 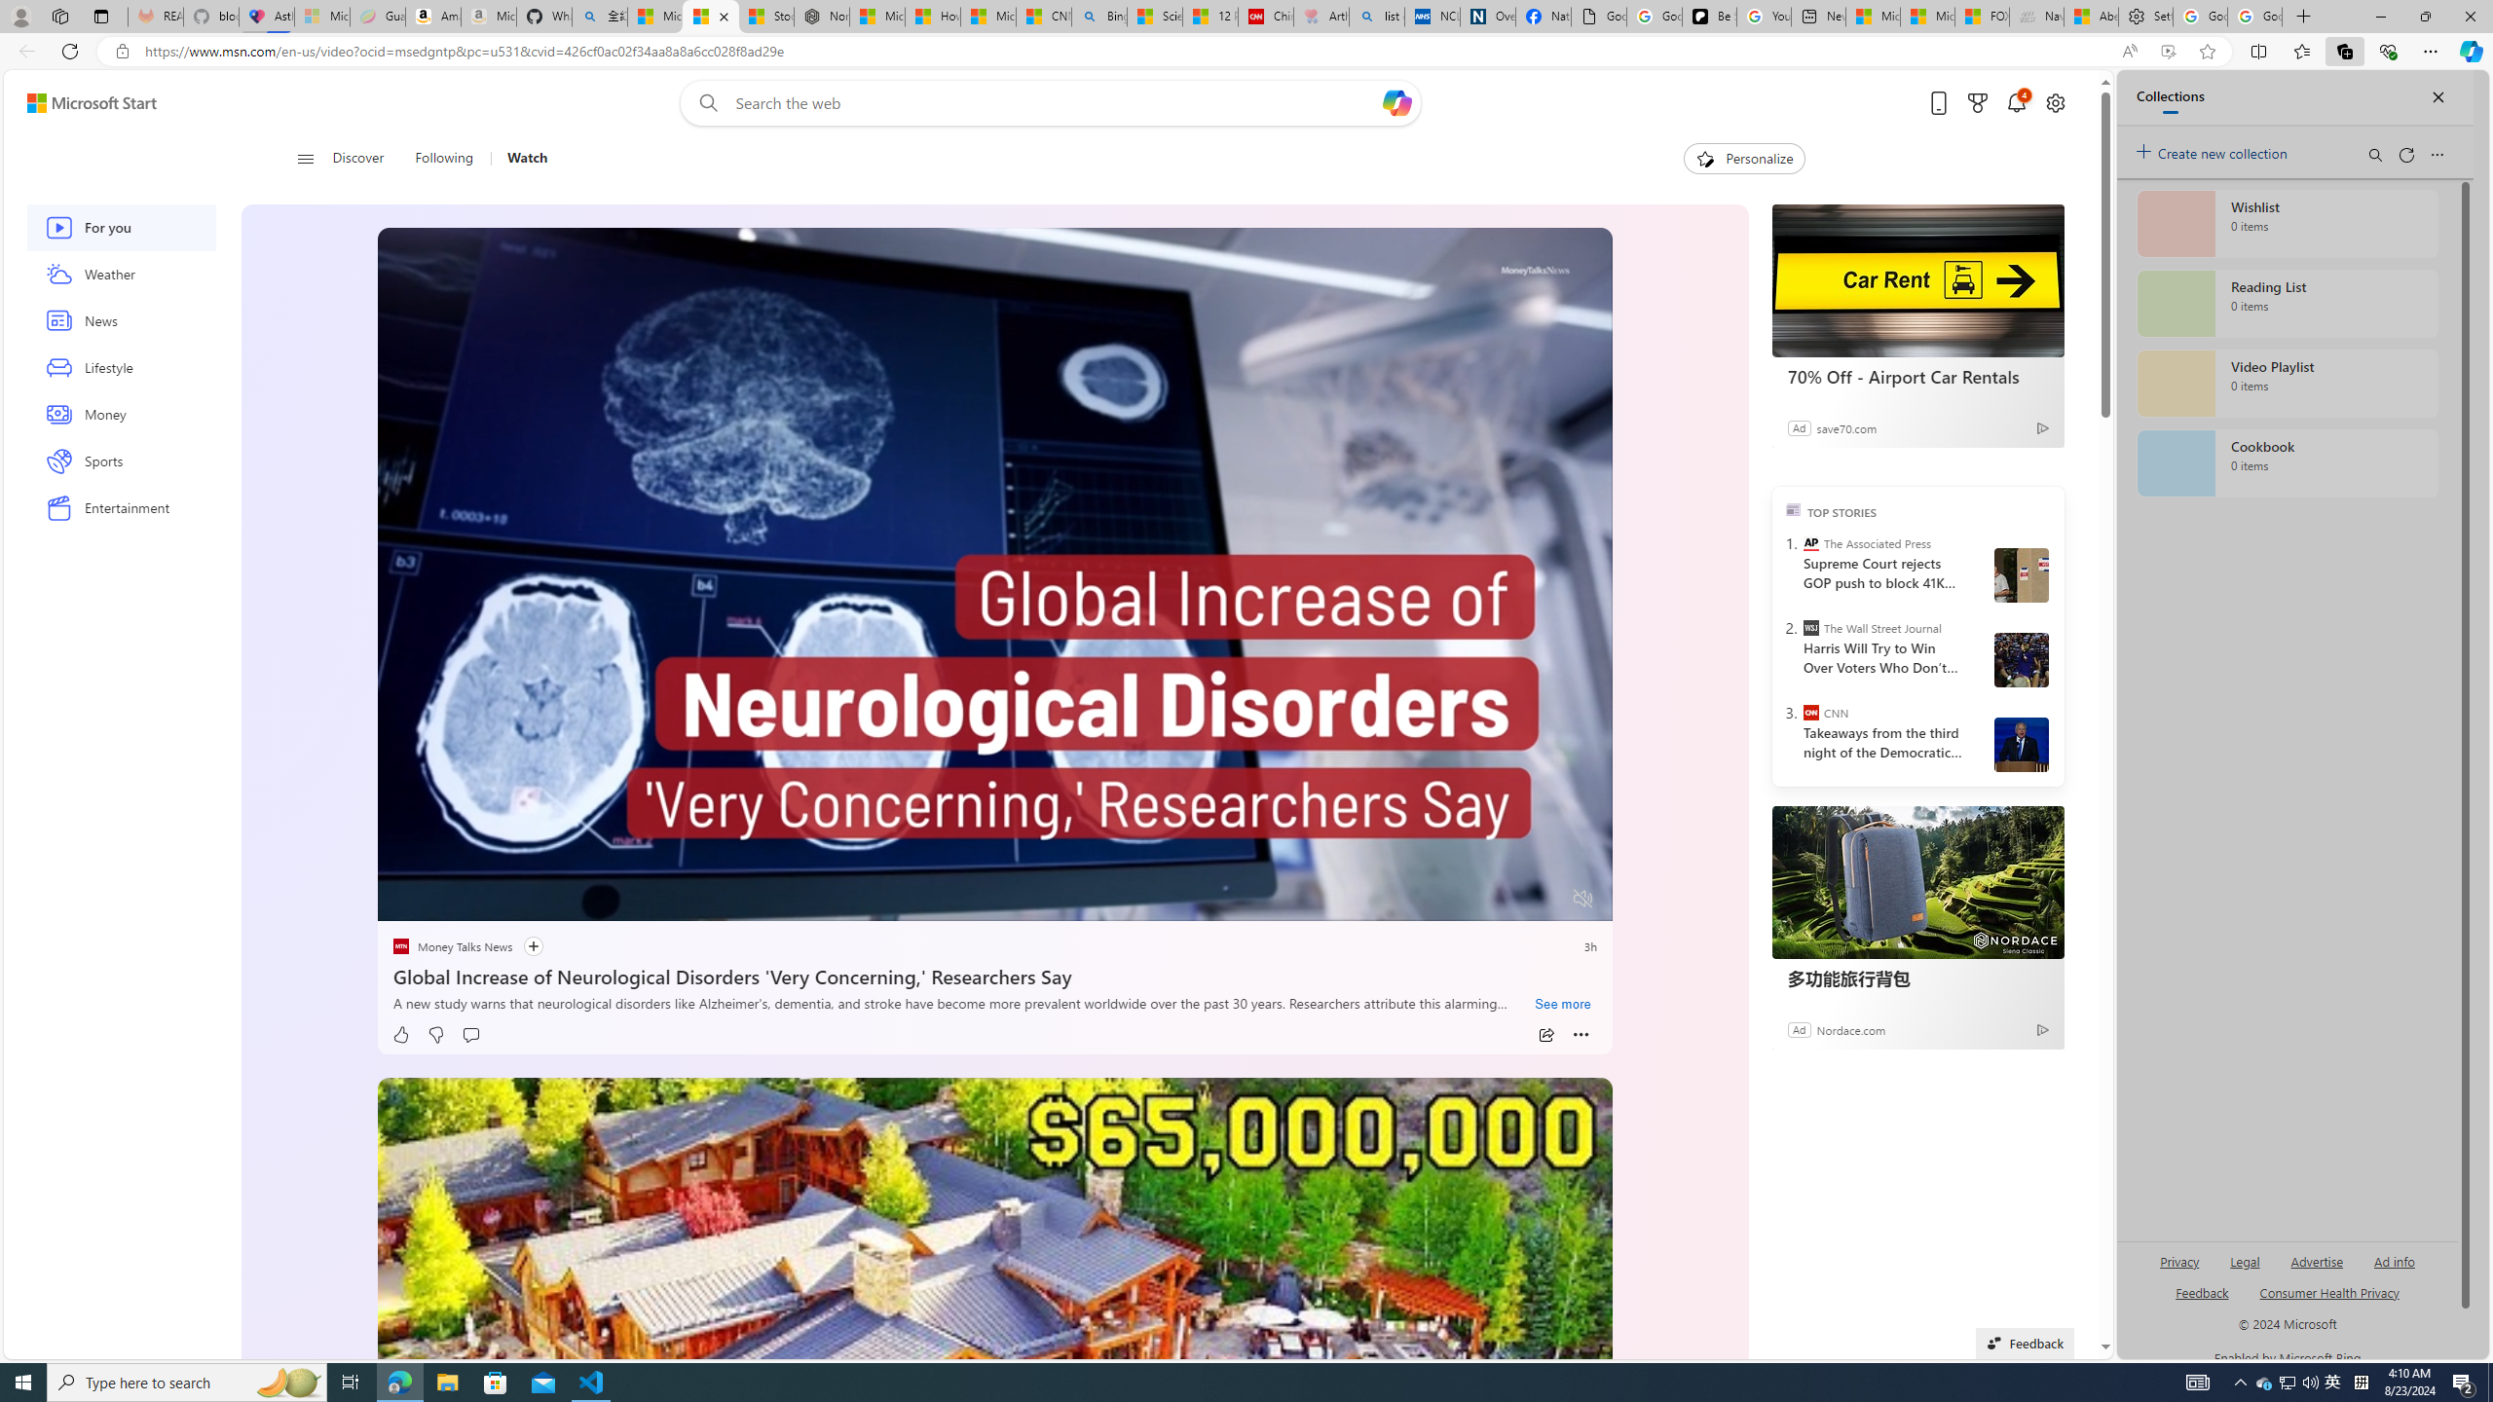 I want to click on 'FOX News - MSN', so click(x=1981, y=16).